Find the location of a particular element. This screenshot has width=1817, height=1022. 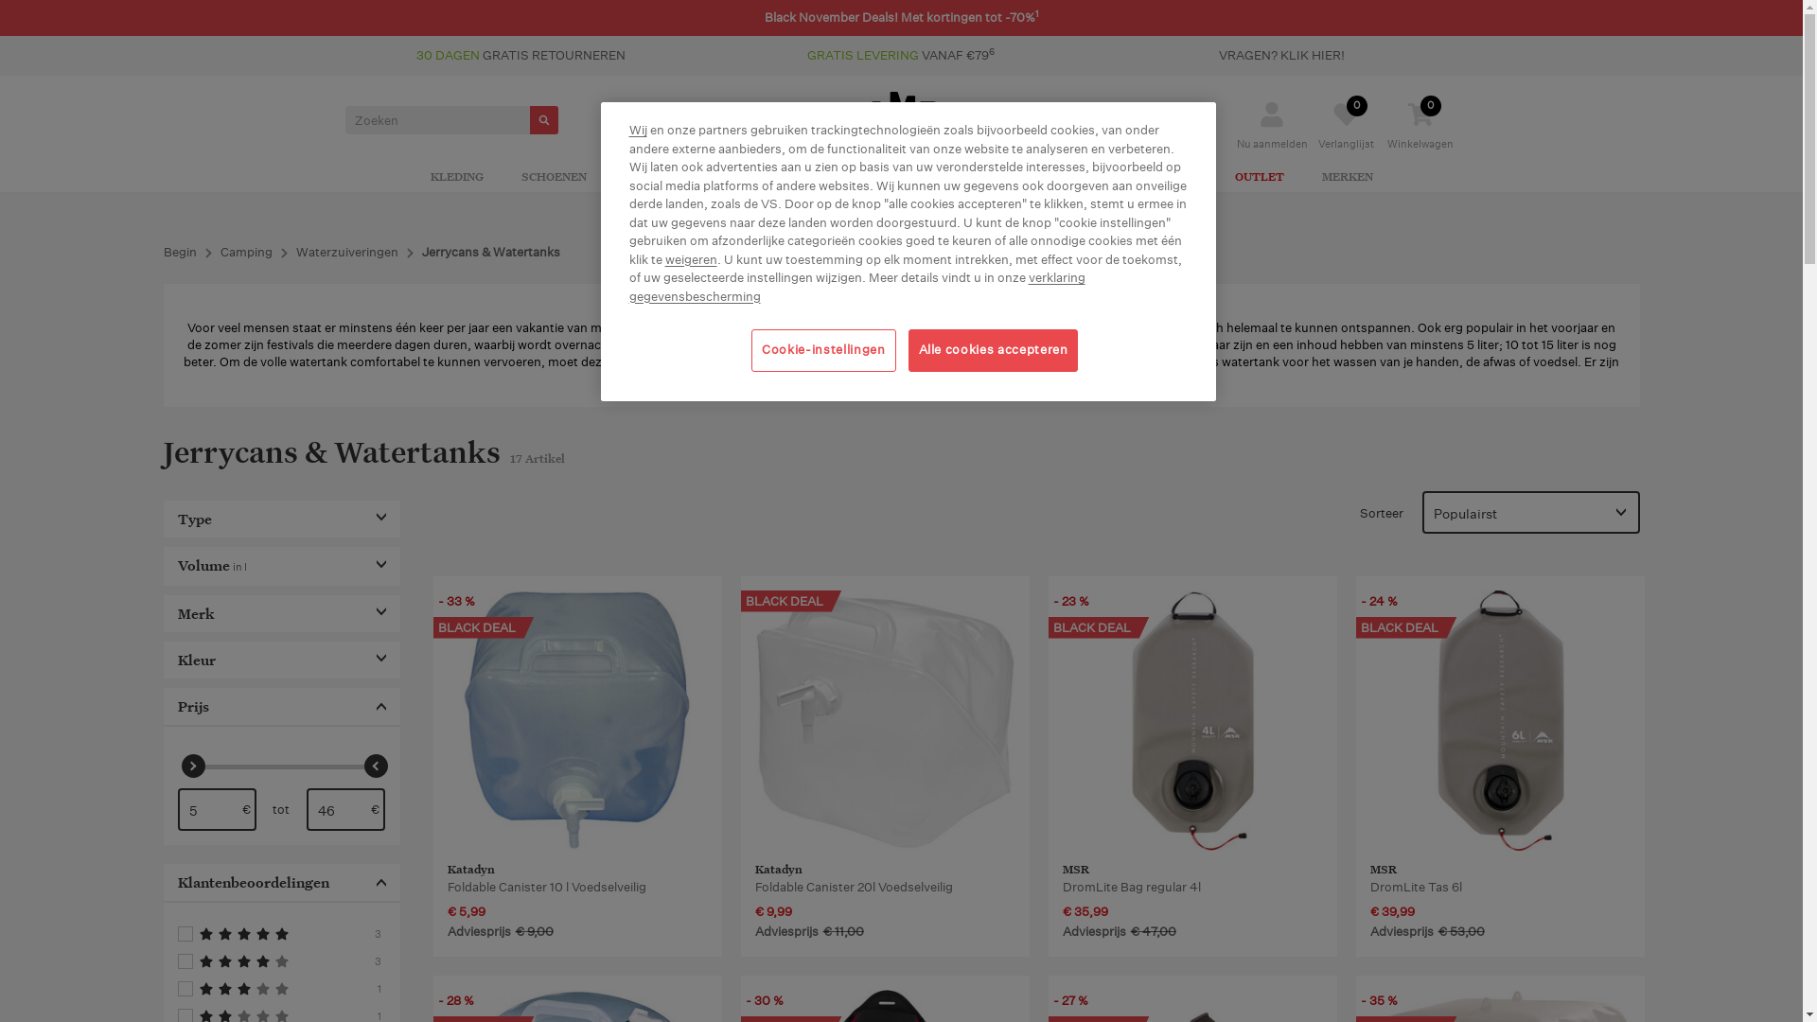

'Filtert naar 3' is located at coordinates (280, 988).